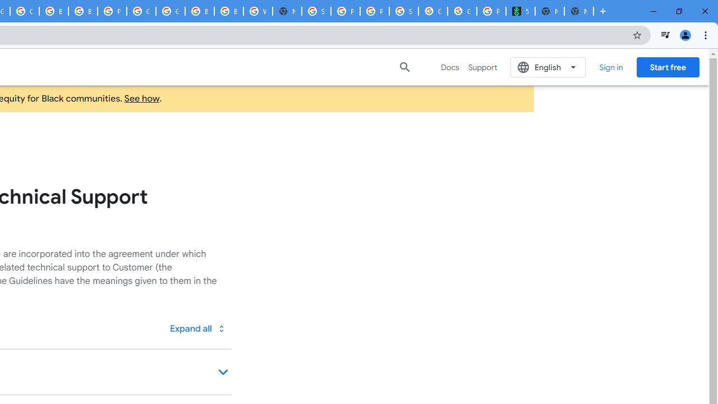  I want to click on 'New Tab', so click(579, 11).